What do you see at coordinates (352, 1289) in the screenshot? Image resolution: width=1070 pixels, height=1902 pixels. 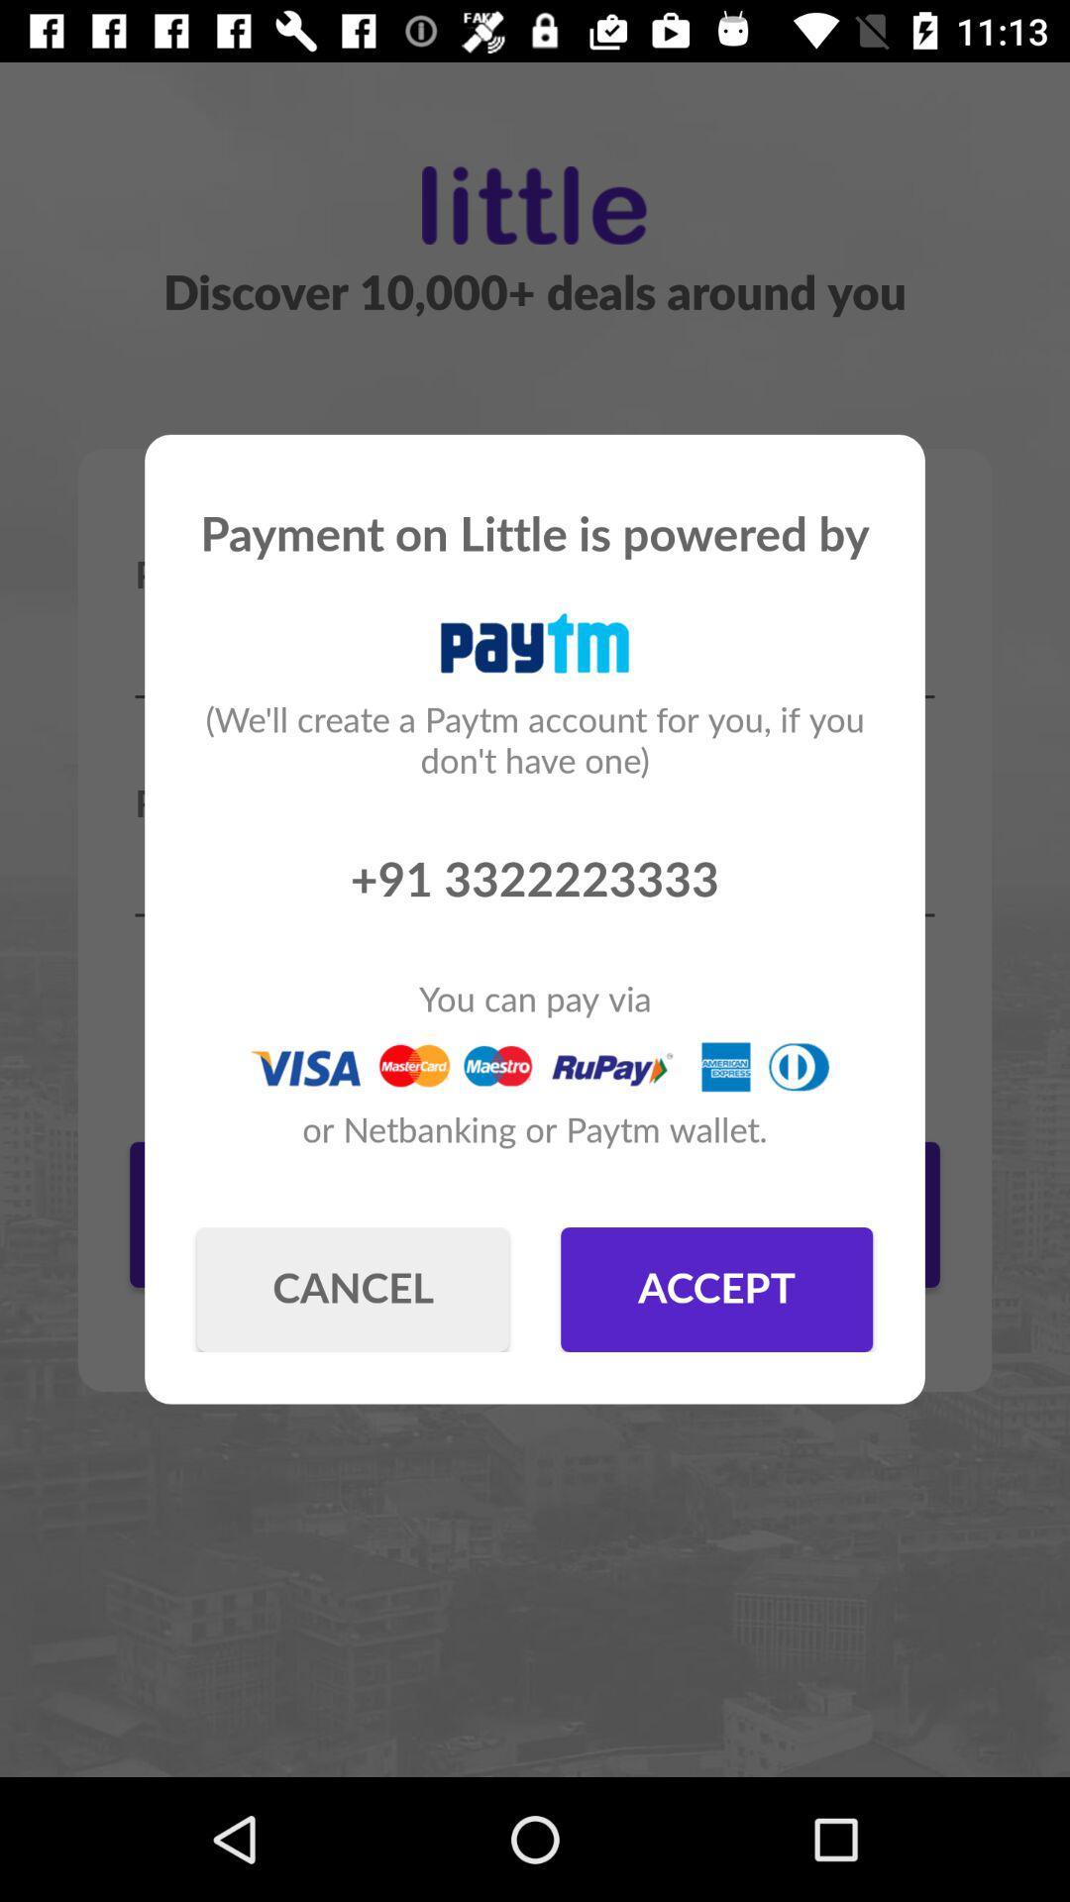 I see `item next to the accept icon` at bounding box center [352, 1289].